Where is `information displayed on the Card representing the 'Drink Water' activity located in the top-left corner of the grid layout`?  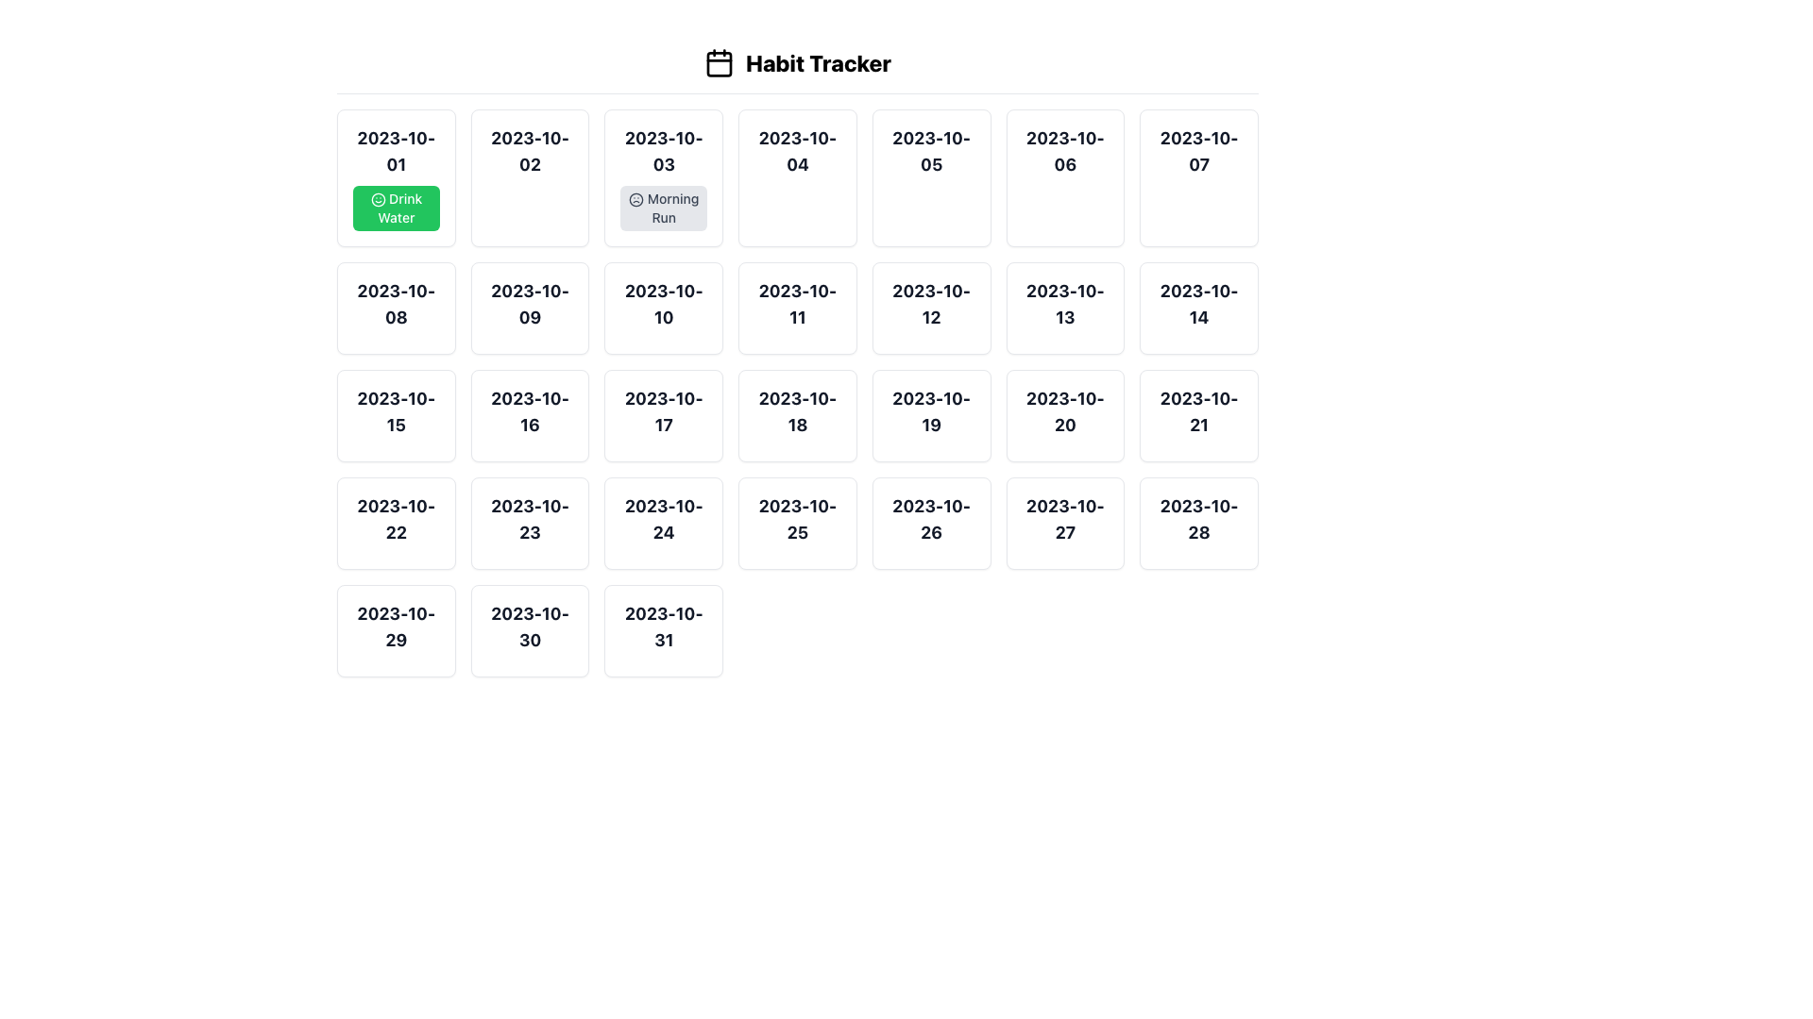
information displayed on the Card representing the 'Drink Water' activity located in the top-left corner of the grid layout is located at coordinates (395, 178).